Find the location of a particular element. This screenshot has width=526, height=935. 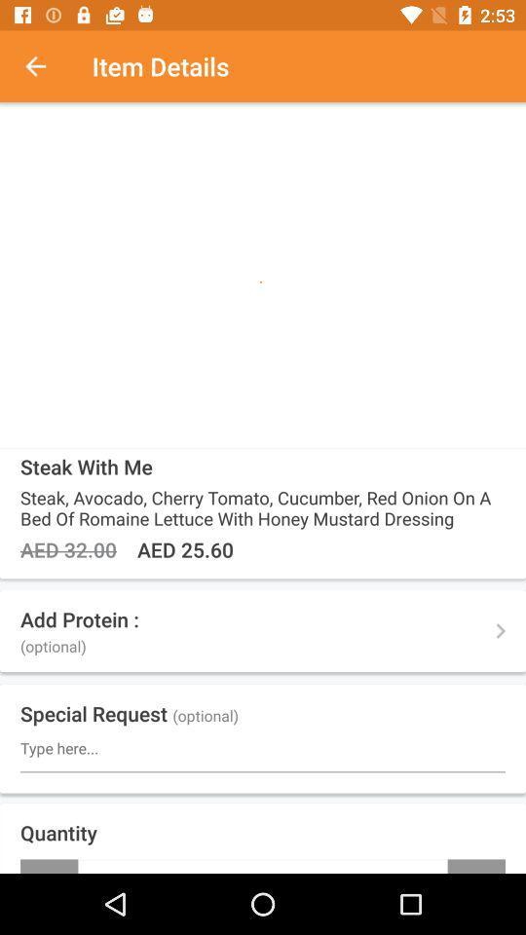

the item to the left of the + icon is located at coordinates (49, 865).